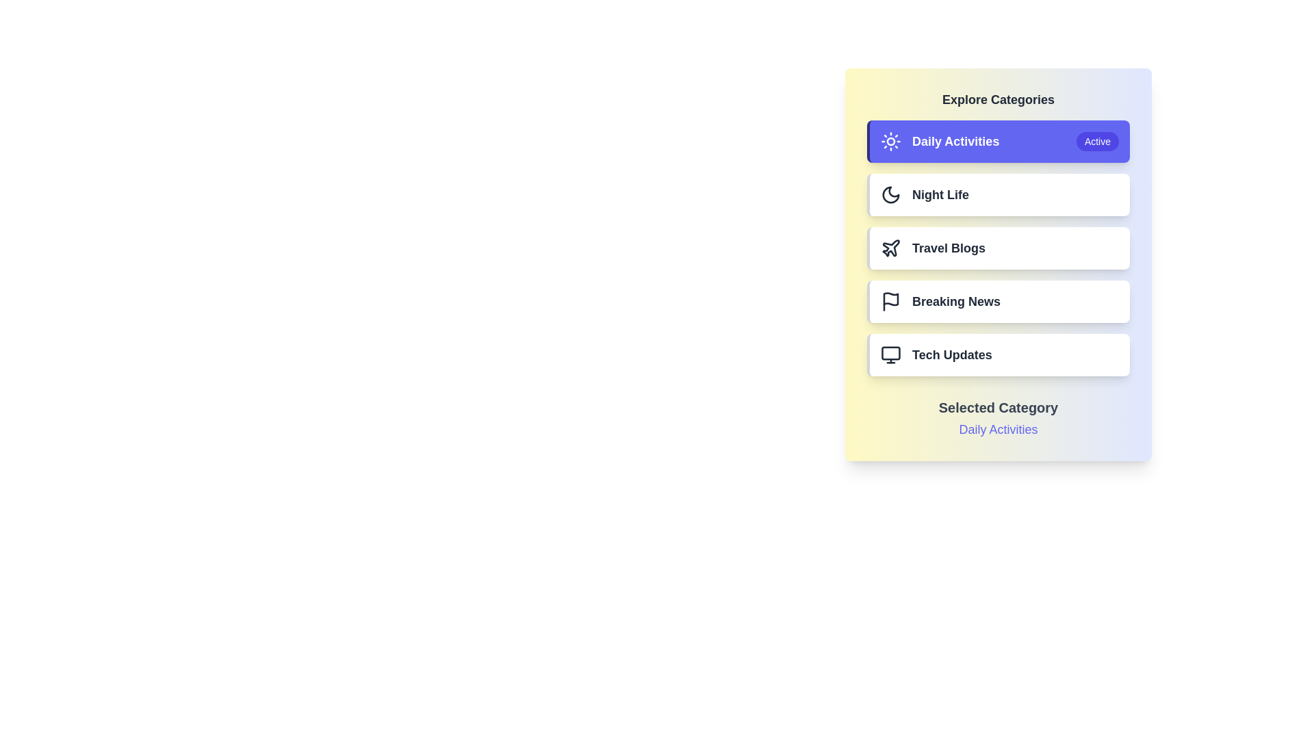 The width and height of the screenshot is (1314, 739). Describe the element at coordinates (999, 142) in the screenshot. I see `the category button corresponding to Daily Activities` at that location.